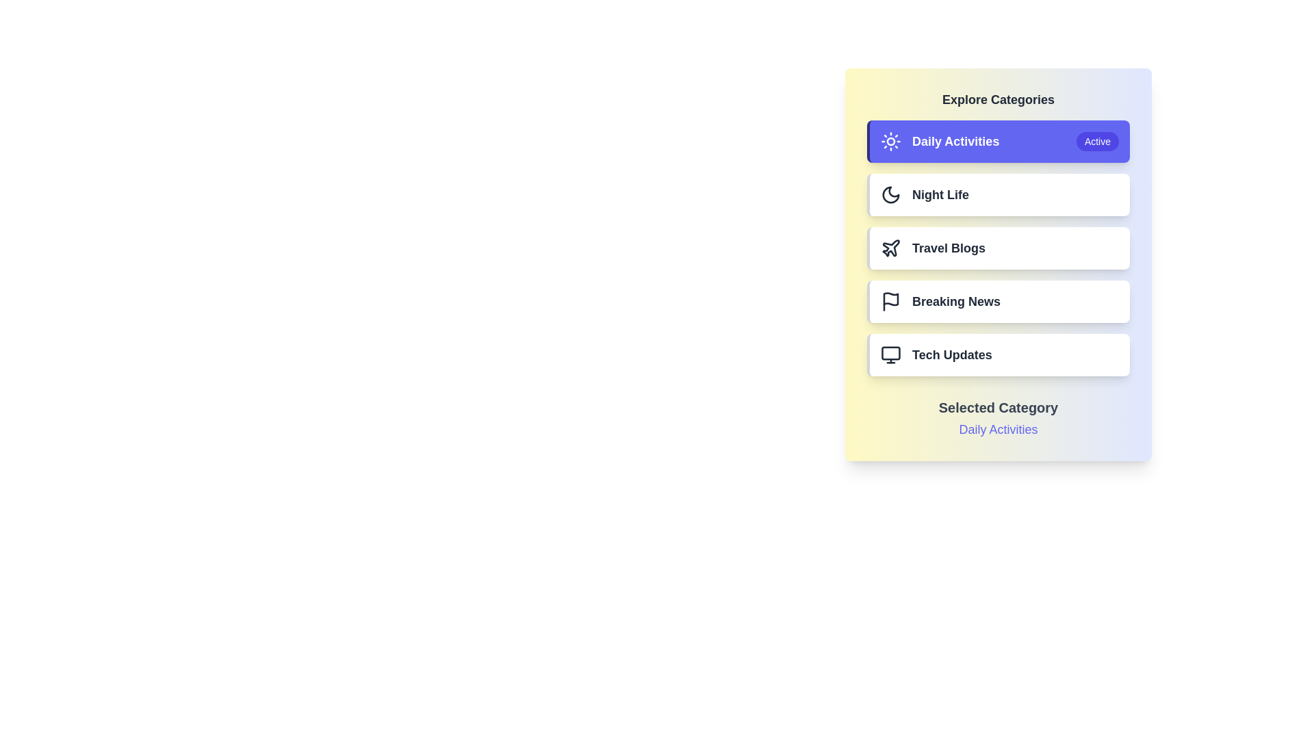 The width and height of the screenshot is (1314, 739). Describe the element at coordinates (999, 142) in the screenshot. I see `the category button corresponding to Daily Activities` at that location.